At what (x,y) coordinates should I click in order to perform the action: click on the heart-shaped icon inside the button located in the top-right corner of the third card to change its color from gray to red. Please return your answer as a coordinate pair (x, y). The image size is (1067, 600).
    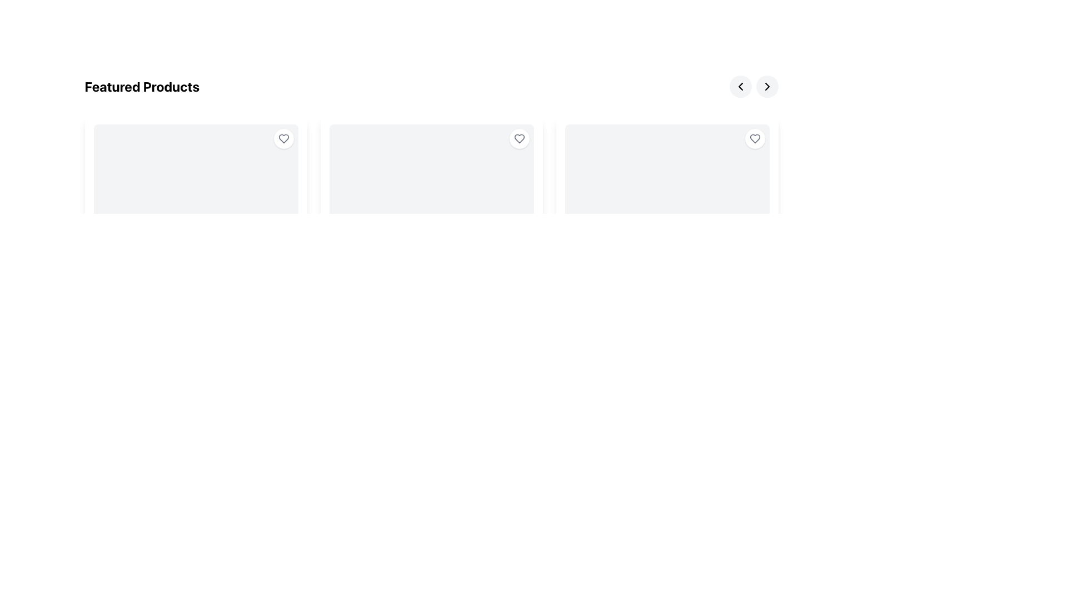
    Looking at the image, I should click on (755, 138).